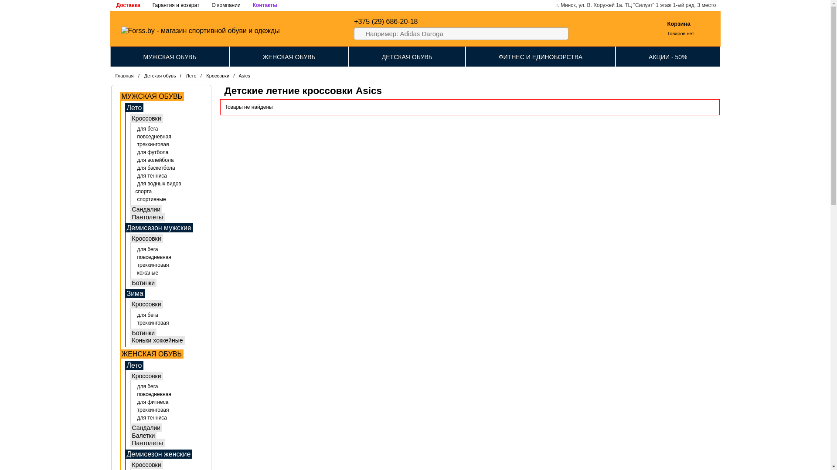 The height and width of the screenshot is (470, 837). What do you see at coordinates (385, 21) in the screenshot?
I see `'+375 (29) 686-20-18'` at bounding box center [385, 21].